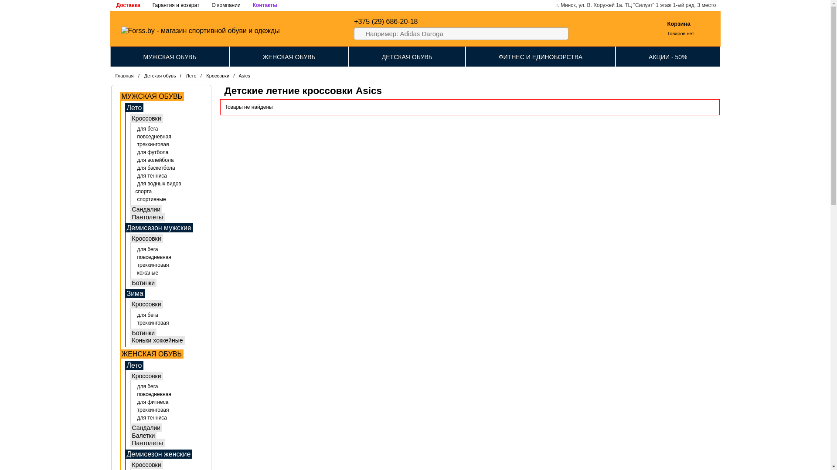 The height and width of the screenshot is (470, 837). What do you see at coordinates (385, 21) in the screenshot?
I see `'+375 (29) 686-20-18'` at bounding box center [385, 21].